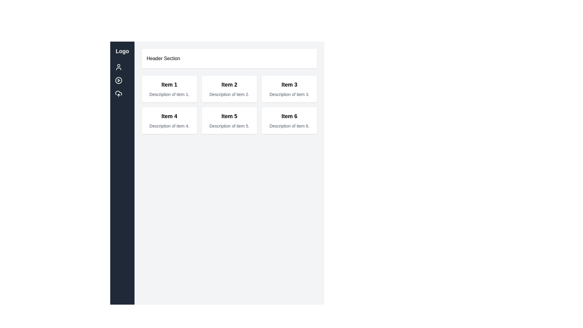  I want to click on the content of each item in the structured grid layout containing six items with titles and descriptions, located below the 'Header Section', so click(229, 104).